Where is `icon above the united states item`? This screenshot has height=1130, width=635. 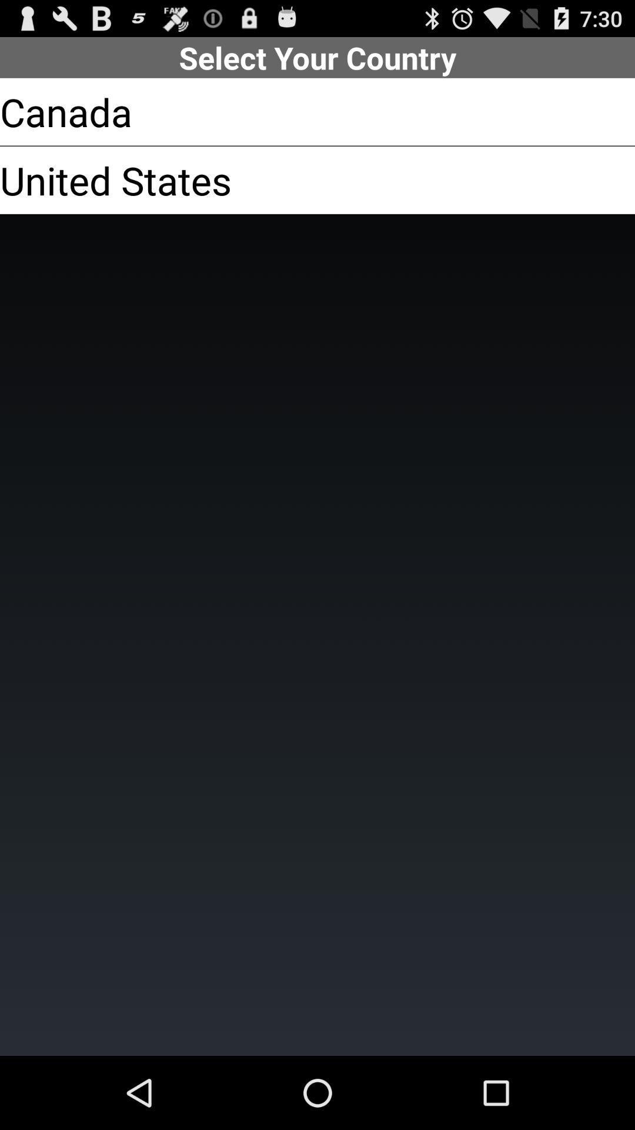 icon above the united states item is located at coordinates (66, 112).